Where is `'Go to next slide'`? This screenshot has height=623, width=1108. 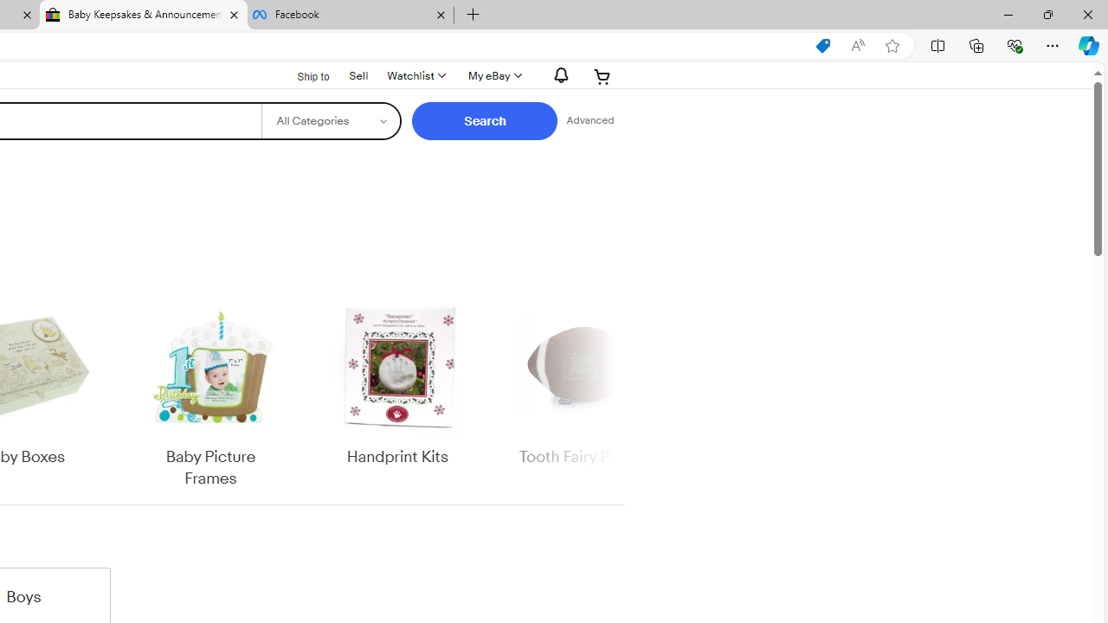
'Go to next slide' is located at coordinates (614, 394).